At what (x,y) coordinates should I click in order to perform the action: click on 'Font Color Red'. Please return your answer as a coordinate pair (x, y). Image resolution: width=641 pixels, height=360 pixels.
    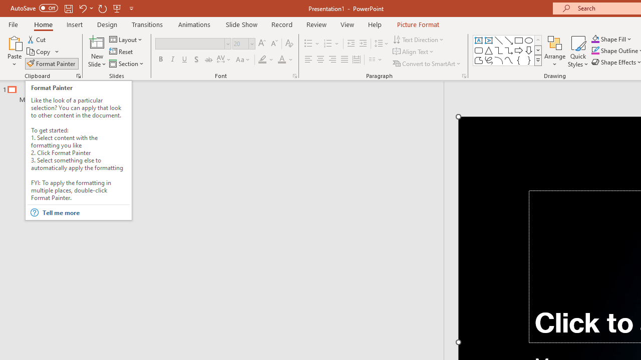
    Looking at the image, I should click on (281, 59).